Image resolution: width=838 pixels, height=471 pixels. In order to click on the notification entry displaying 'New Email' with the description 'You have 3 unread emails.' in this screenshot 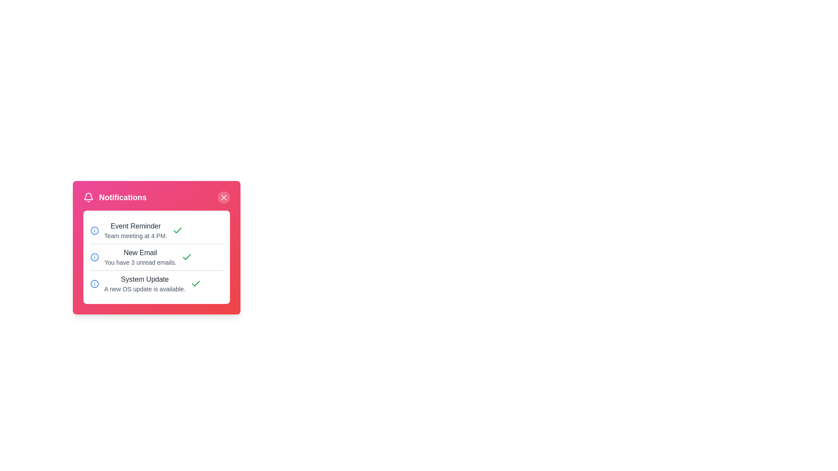, I will do `click(157, 256)`.